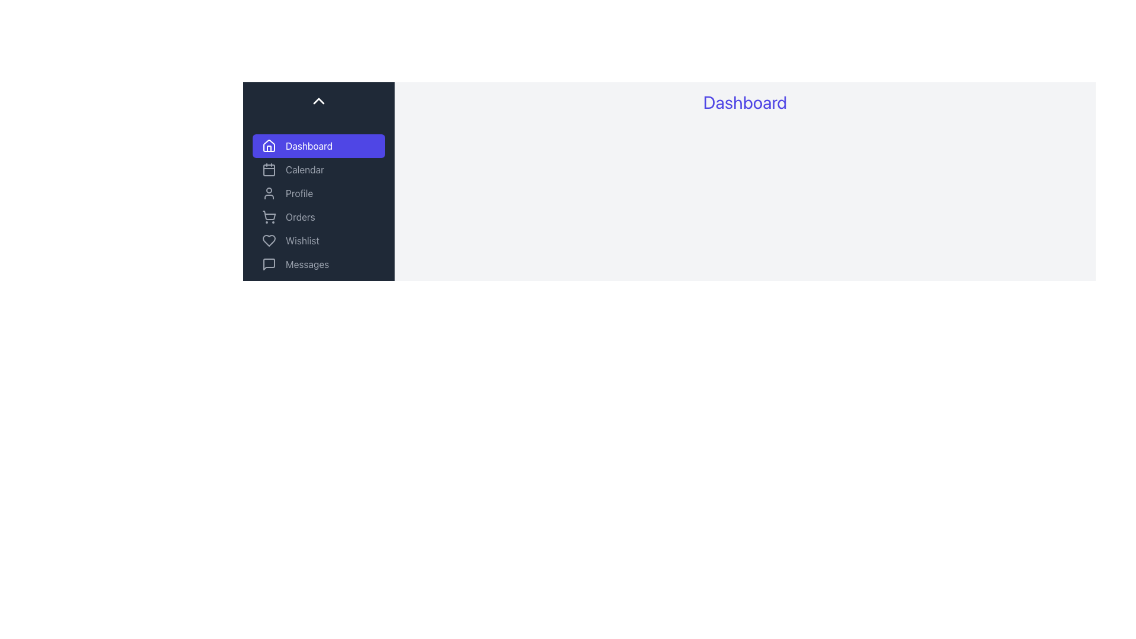 The image size is (1136, 639). What do you see at coordinates (318, 193) in the screenshot?
I see `the 'Profile' button in the navigation menu to trigger hover effects` at bounding box center [318, 193].